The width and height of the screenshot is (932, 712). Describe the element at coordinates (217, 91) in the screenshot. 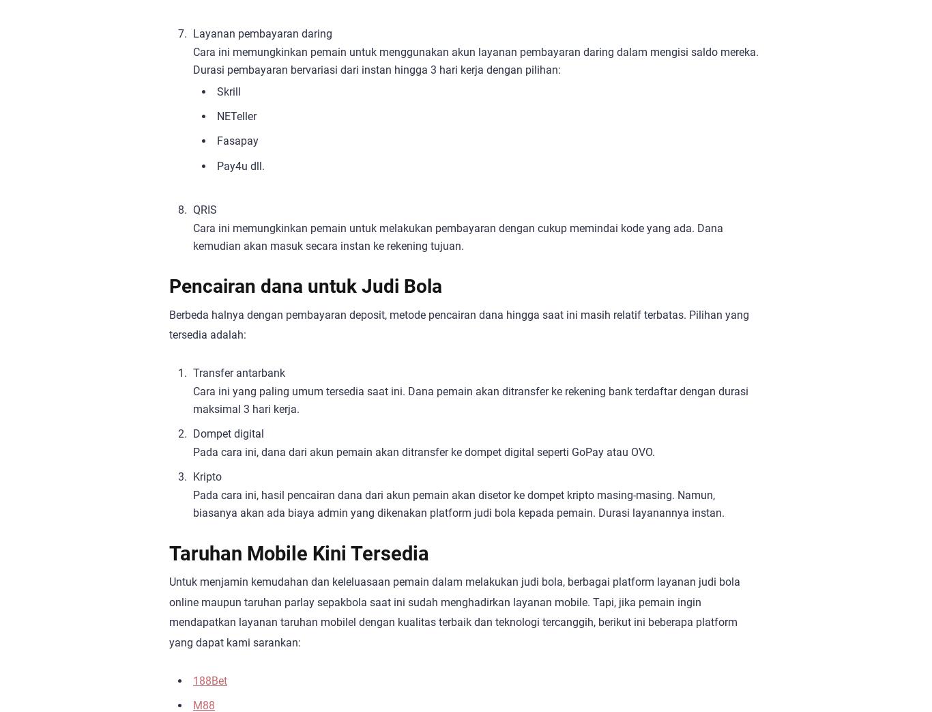

I see `'Skrill'` at that location.